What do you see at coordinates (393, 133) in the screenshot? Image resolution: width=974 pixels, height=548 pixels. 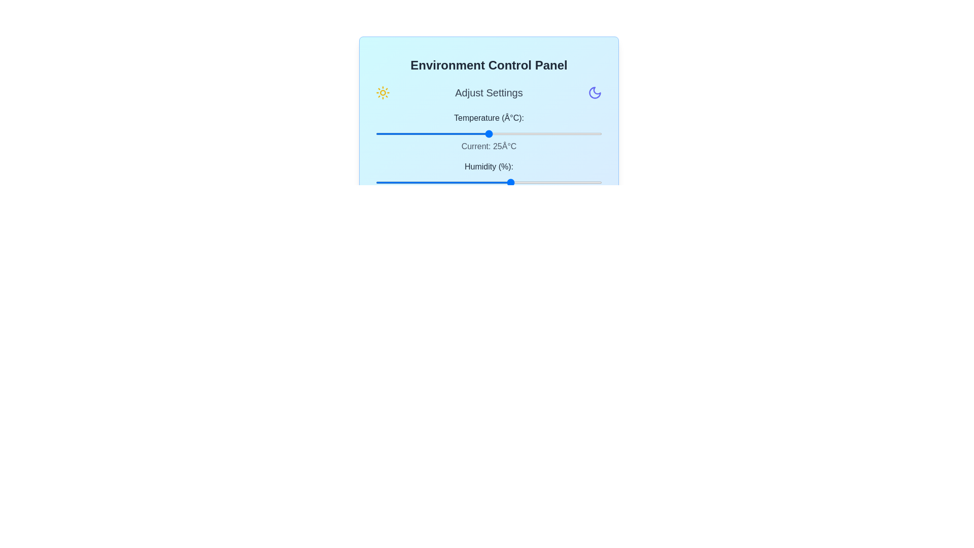 I see `the temperature slider to set the temperature to 4°C` at bounding box center [393, 133].